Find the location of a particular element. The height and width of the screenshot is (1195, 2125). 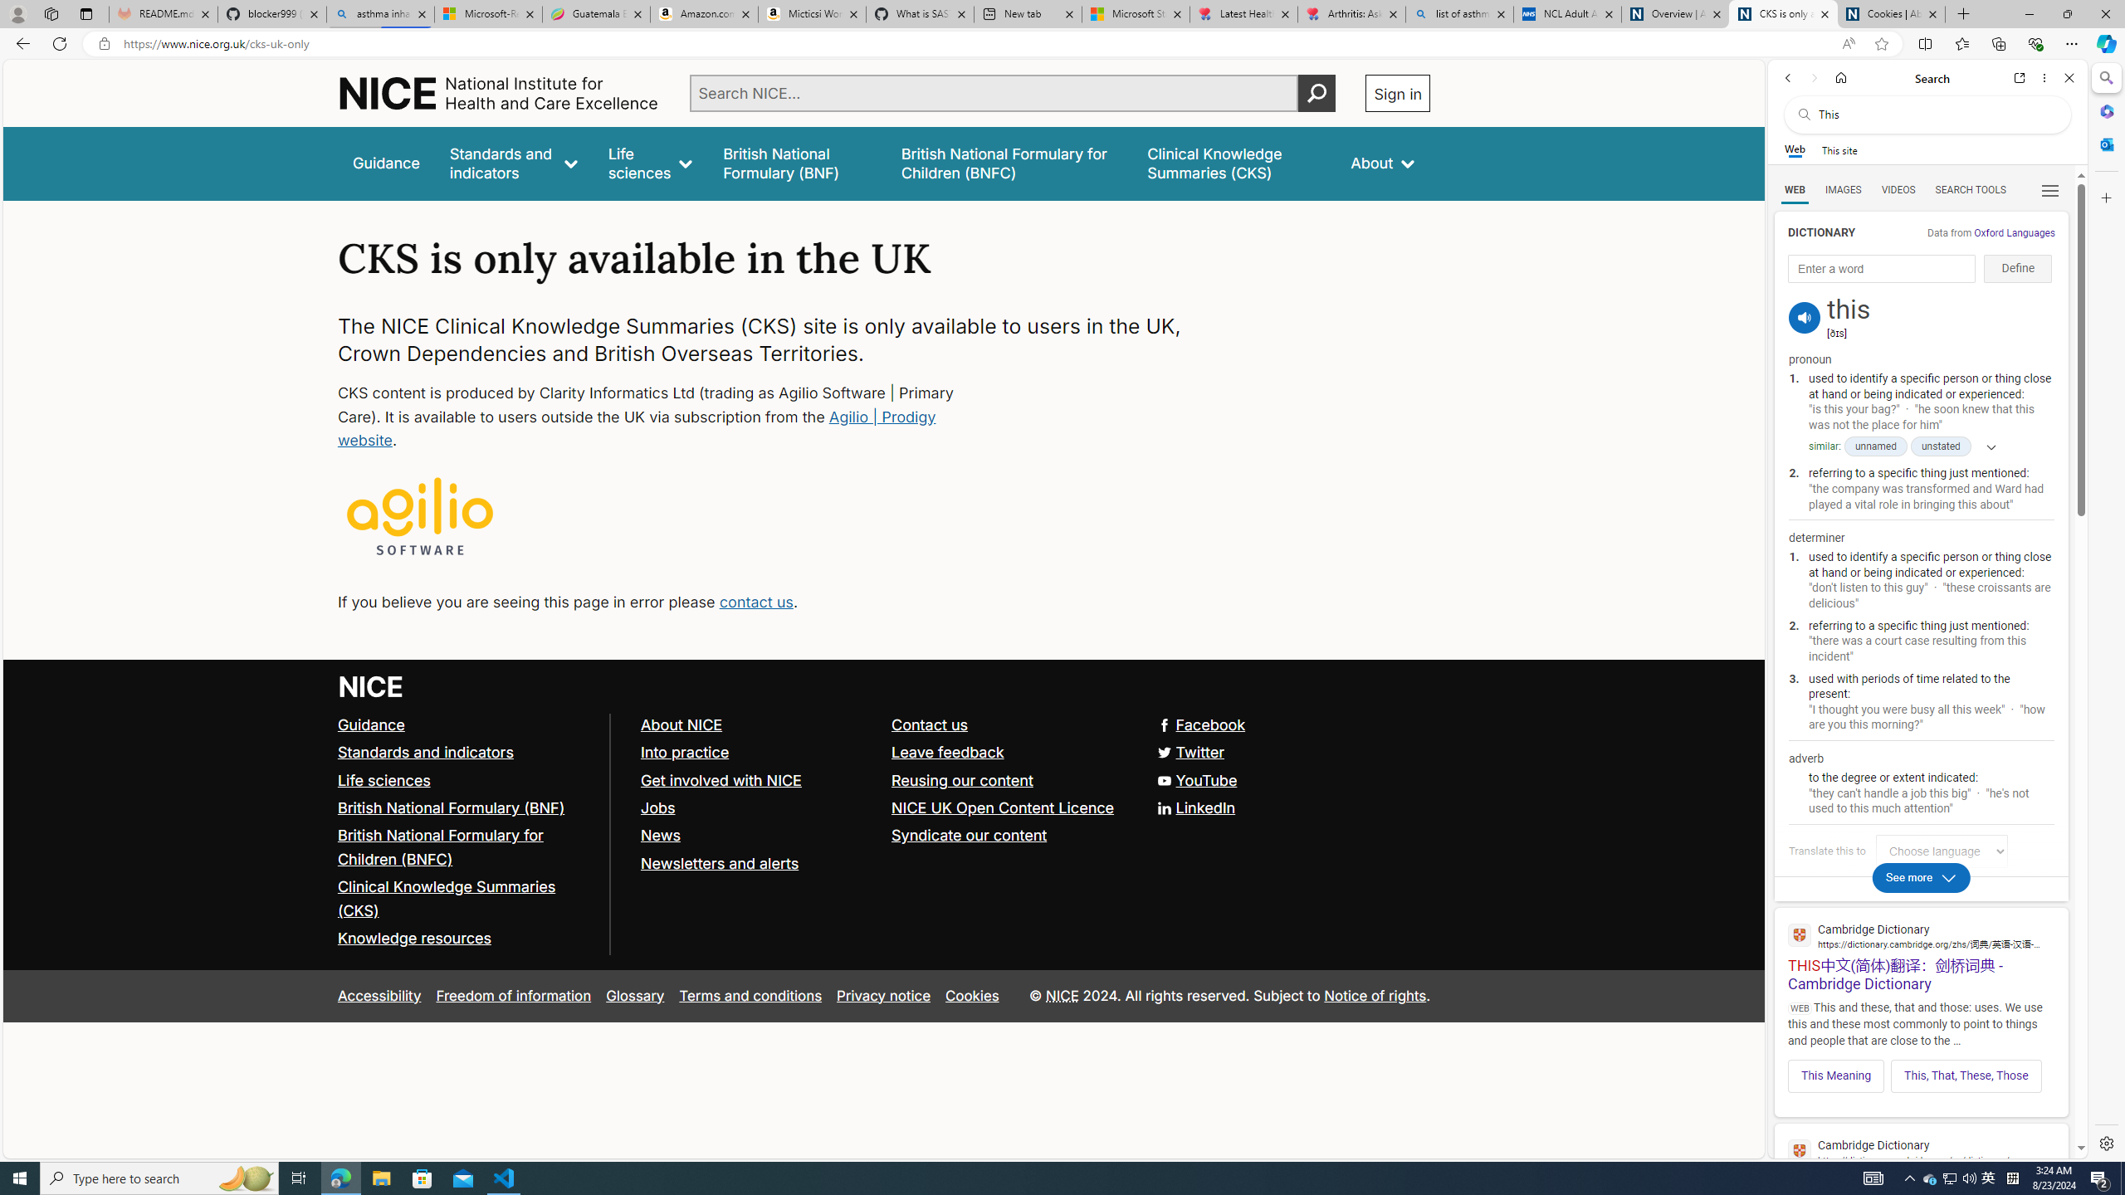

'Freedom of information' is located at coordinates (514, 995).